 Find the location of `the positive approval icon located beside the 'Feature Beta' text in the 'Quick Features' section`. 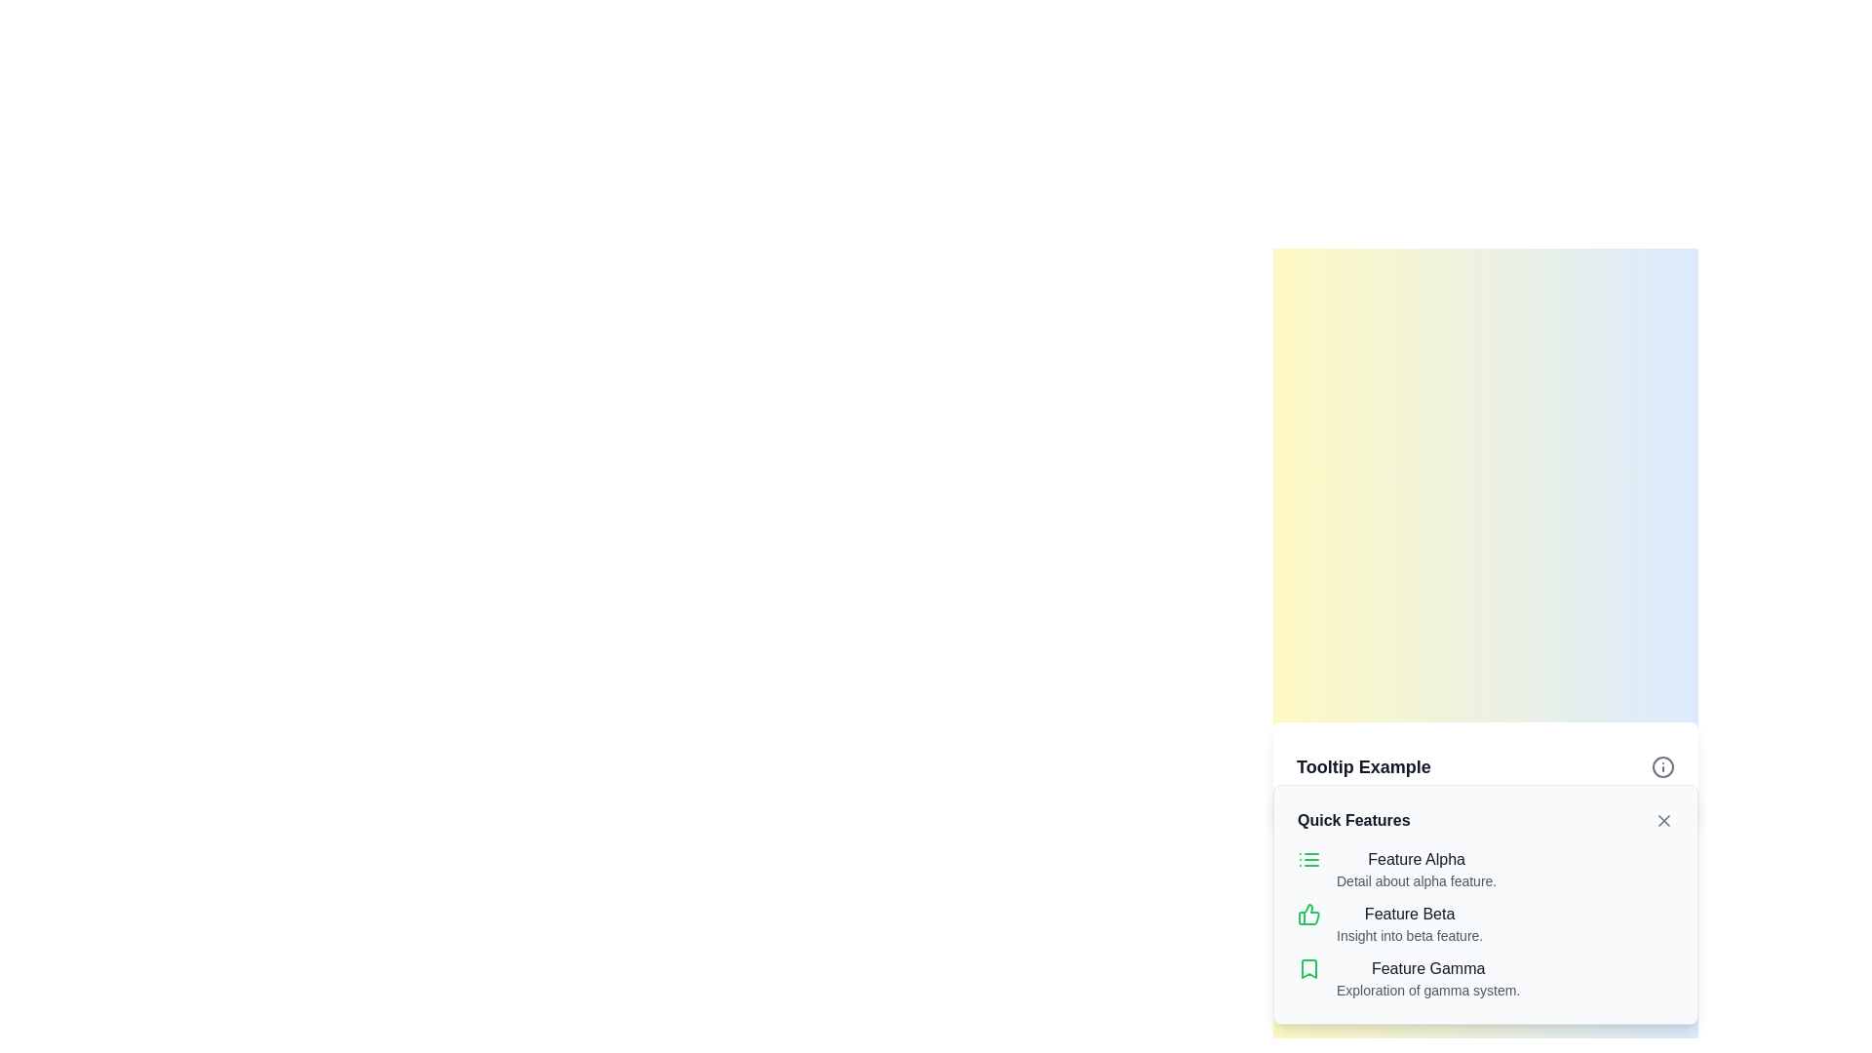

the positive approval icon located beside the 'Feature Beta' text in the 'Quick Features' section is located at coordinates (1309, 914).